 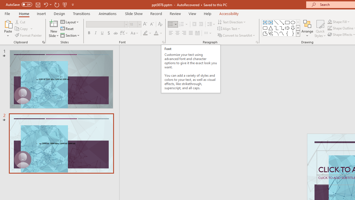 What do you see at coordinates (135, 33) in the screenshot?
I see `'Change Case'` at bounding box center [135, 33].